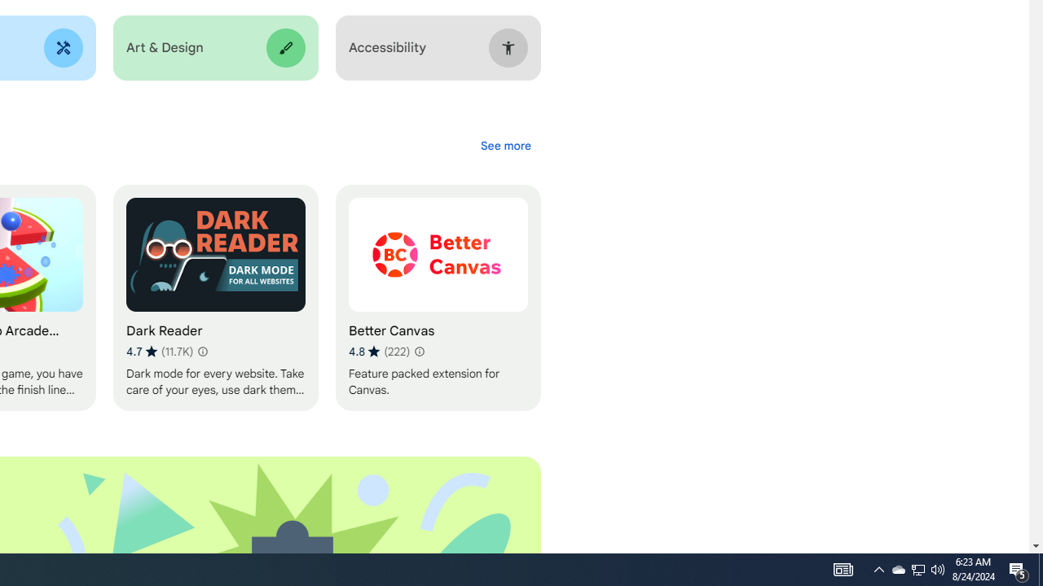 The image size is (1043, 586). Describe the element at coordinates (214, 298) in the screenshot. I see `'Dark Reader'` at that location.